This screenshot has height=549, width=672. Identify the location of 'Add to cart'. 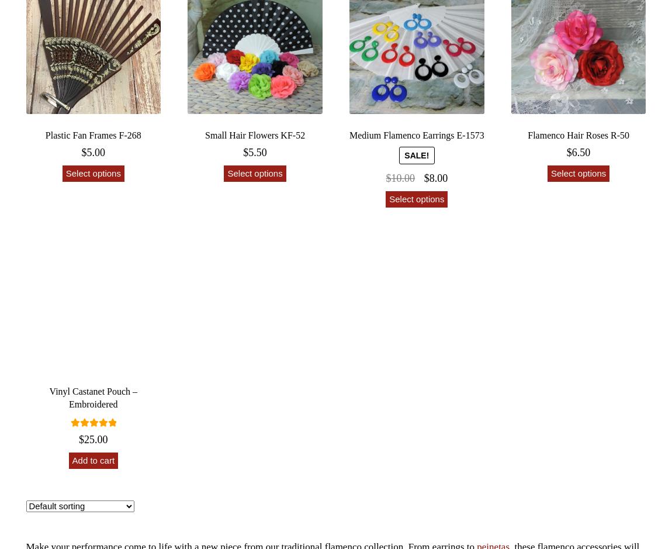
(92, 459).